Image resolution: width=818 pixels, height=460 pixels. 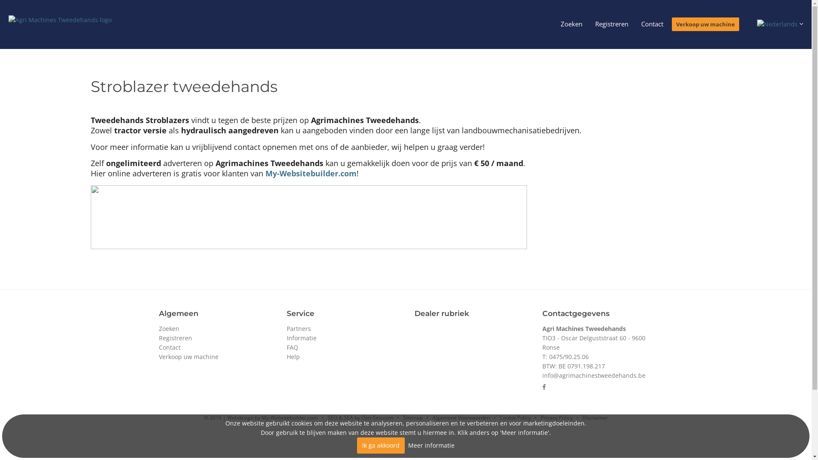 What do you see at coordinates (402, 417) in the screenshot?
I see `'Sitemap'` at bounding box center [402, 417].